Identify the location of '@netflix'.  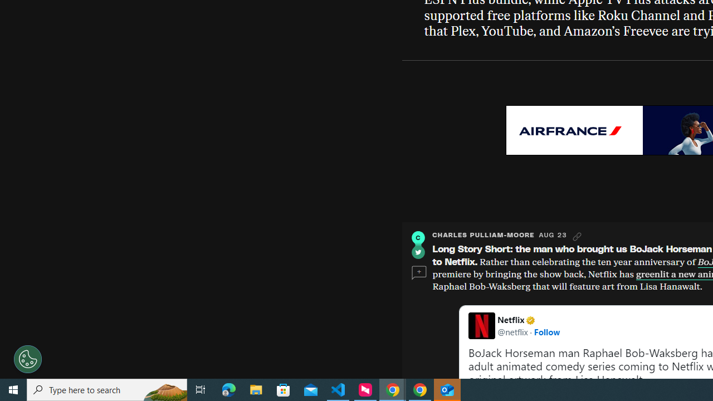
(512, 331).